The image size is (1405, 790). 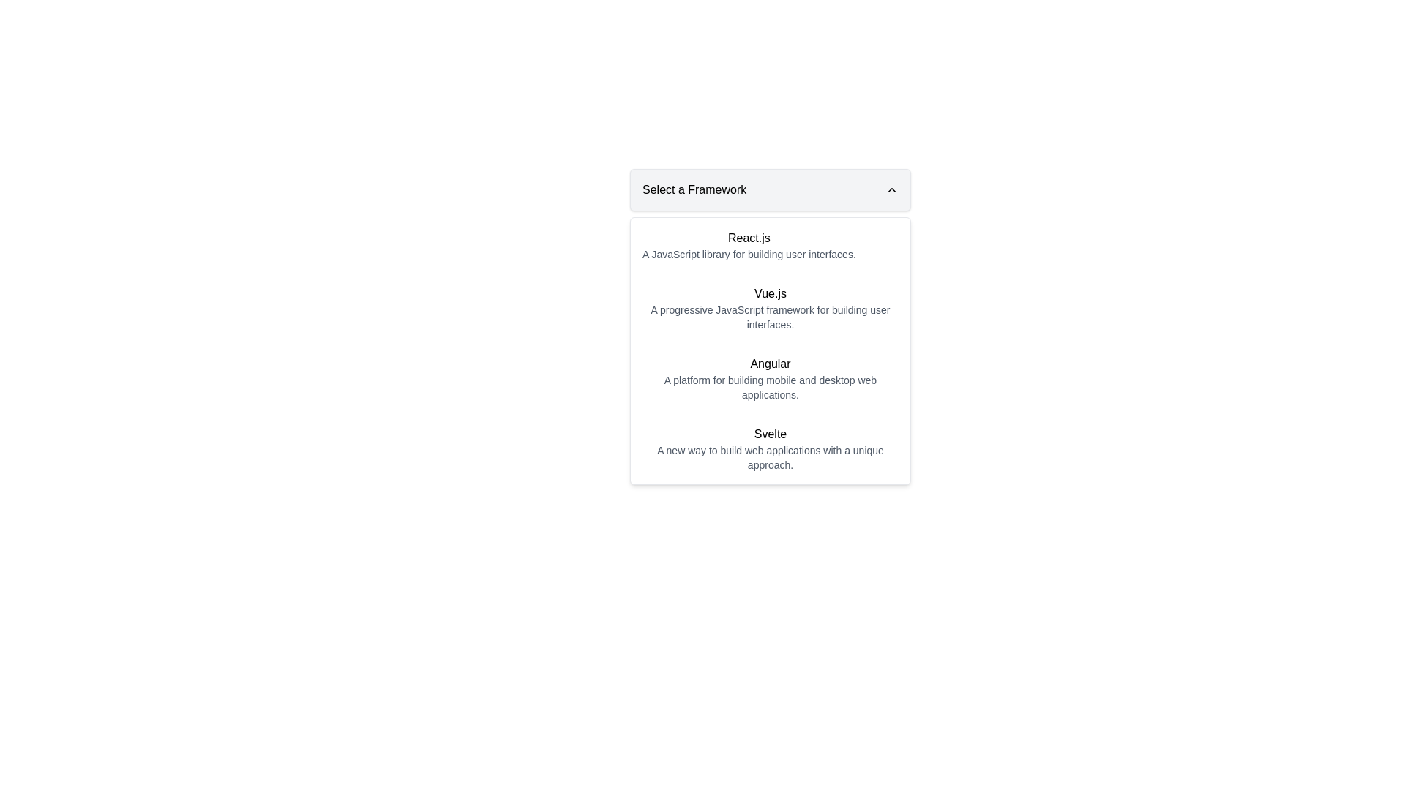 What do you see at coordinates (769, 317) in the screenshot?
I see `the descriptive subtitle element providing additional information about 'Vue.js' located in the dropdown menu titled 'Select a Framework'` at bounding box center [769, 317].